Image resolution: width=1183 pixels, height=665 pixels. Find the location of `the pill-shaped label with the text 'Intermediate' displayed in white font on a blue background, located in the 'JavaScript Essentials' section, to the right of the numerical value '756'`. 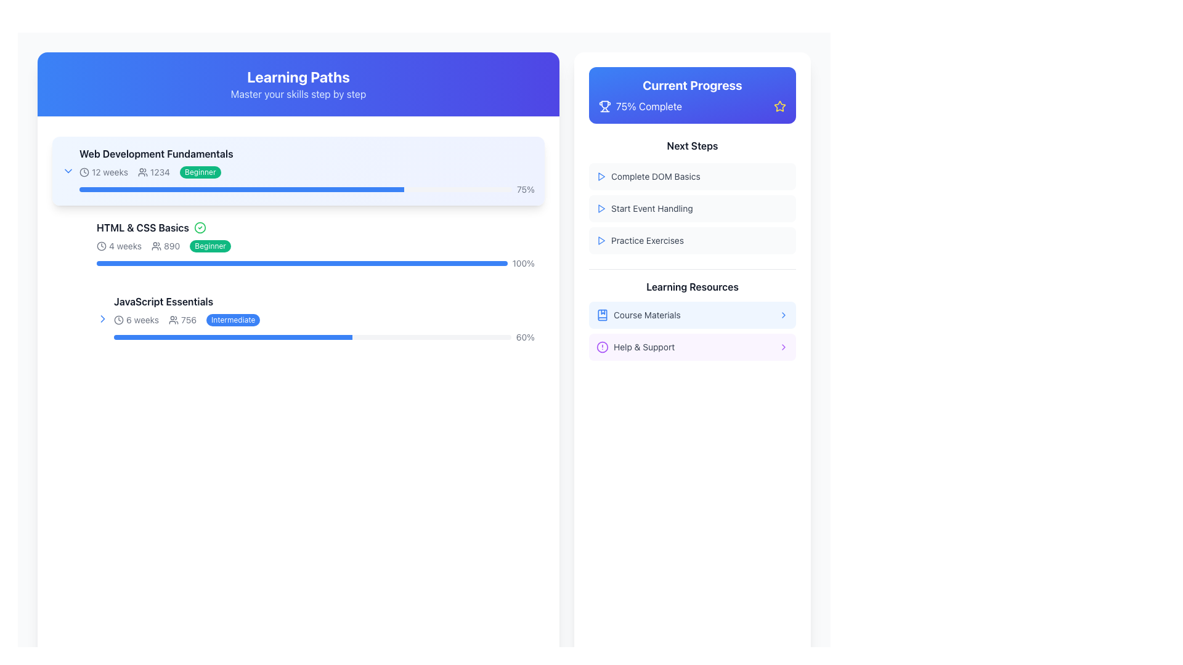

the pill-shaped label with the text 'Intermediate' displayed in white font on a blue background, located in the 'JavaScript Essentials' section, to the right of the numerical value '756' is located at coordinates (233, 320).